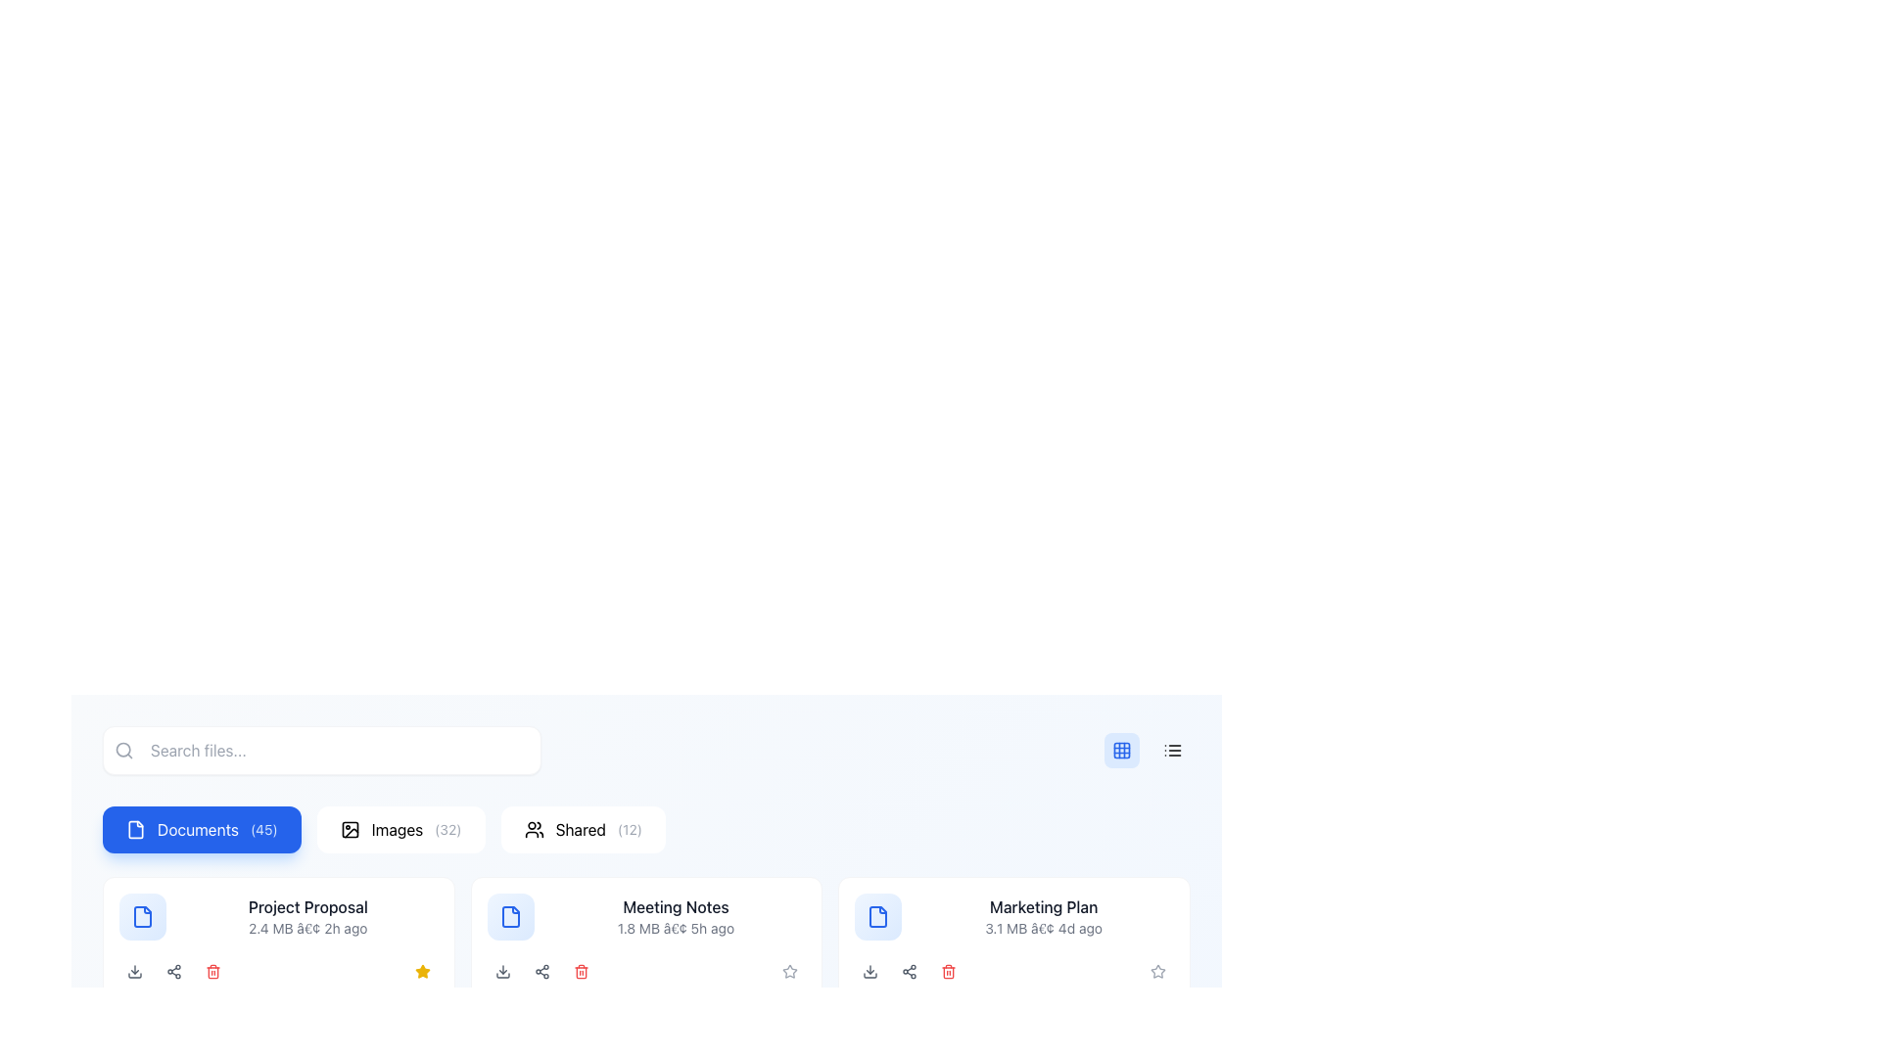 Image resolution: width=1880 pixels, height=1057 pixels. I want to click on displayed text from the text label with metadata located under the second column in the row of files, immediately to the right of the document icon, so click(306, 917).